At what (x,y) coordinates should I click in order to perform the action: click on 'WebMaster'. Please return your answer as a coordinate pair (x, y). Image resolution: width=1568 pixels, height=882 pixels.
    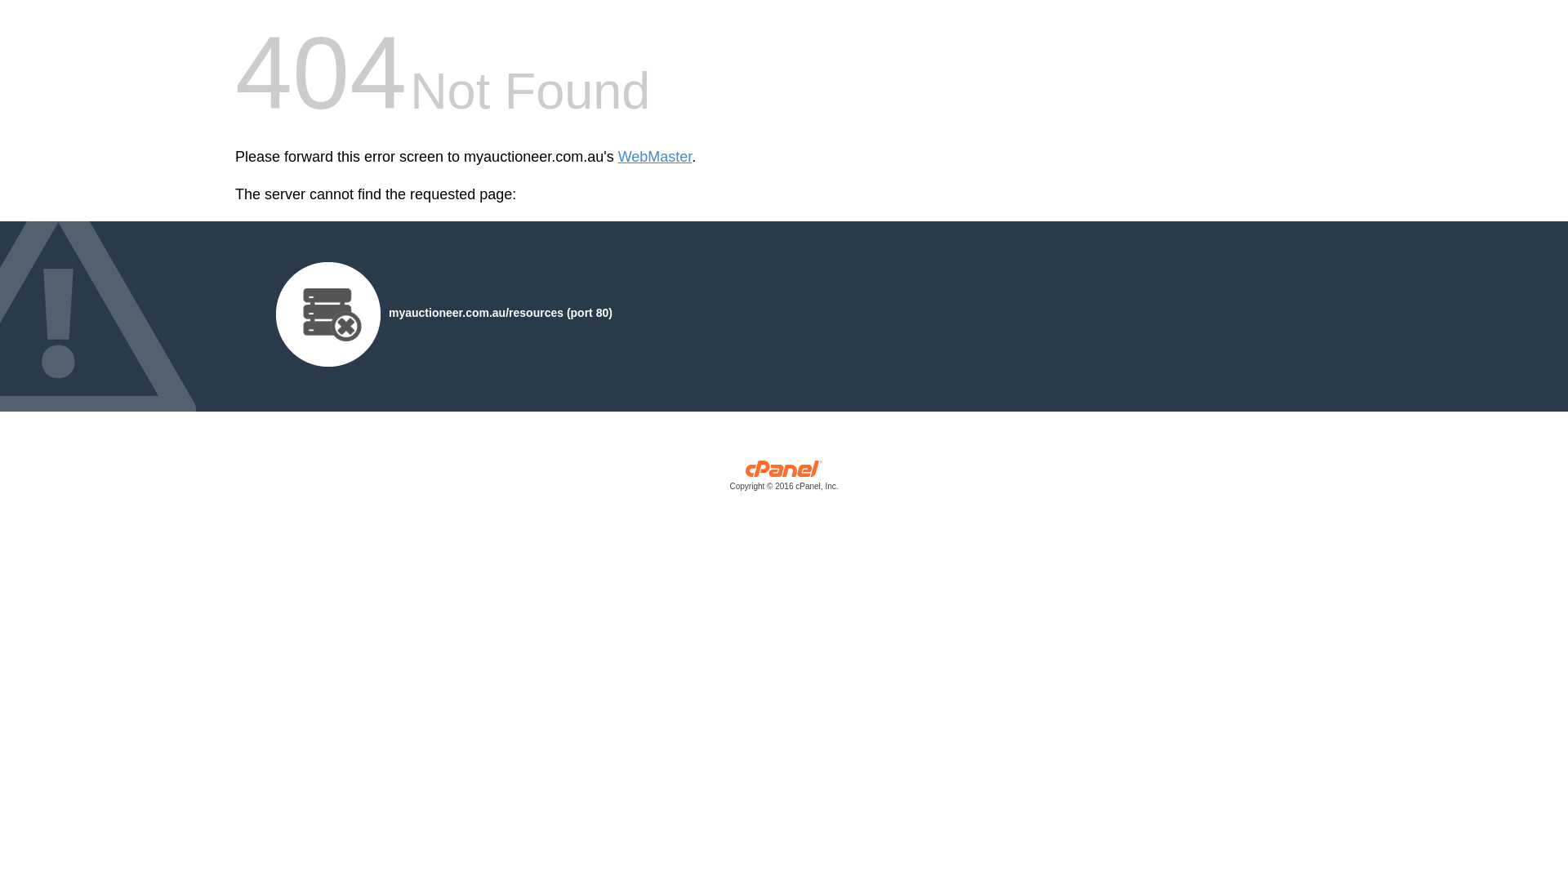
    Looking at the image, I should click on (655, 157).